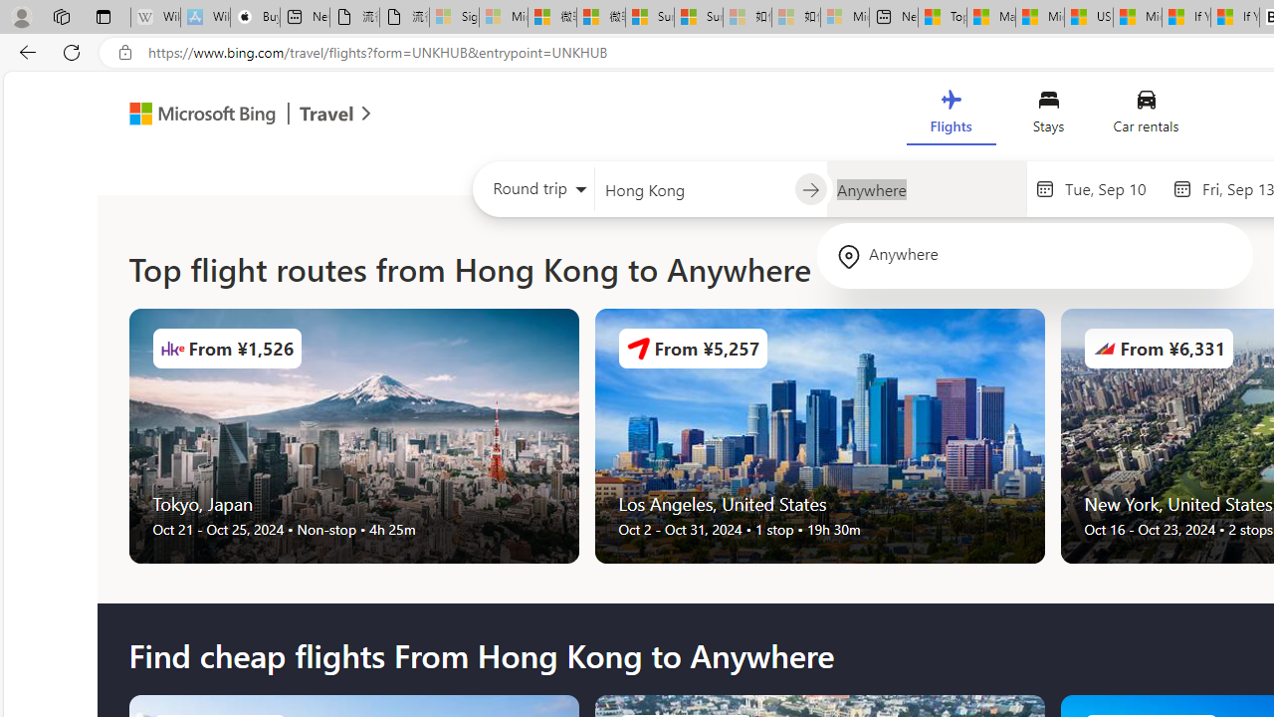  What do you see at coordinates (229, 117) in the screenshot?
I see `'Microsoft Bing Travel'` at bounding box center [229, 117].